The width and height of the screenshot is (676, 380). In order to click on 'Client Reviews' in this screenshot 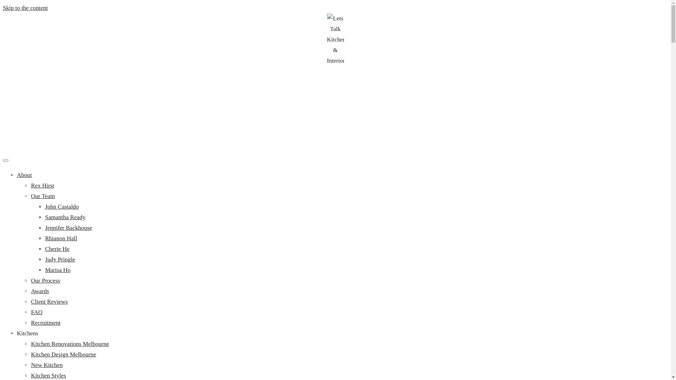, I will do `click(49, 301)`.